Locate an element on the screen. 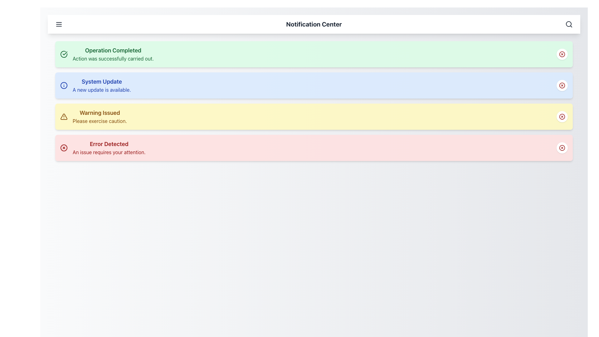 The image size is (599, 337). the text label displaying the message 'A new update is available.' which is positioned under the title 'System Update' within the blue notification card is located at coordinates (102, 90).